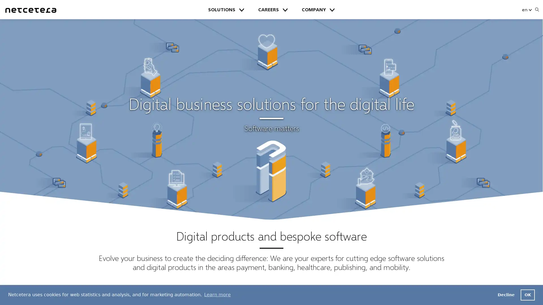 The width and height of the screenshot is (543, 305). What do you see at coordinates (506, 295) in the screenshot?
I see `deny cookies` at bounding box center [506, 295].